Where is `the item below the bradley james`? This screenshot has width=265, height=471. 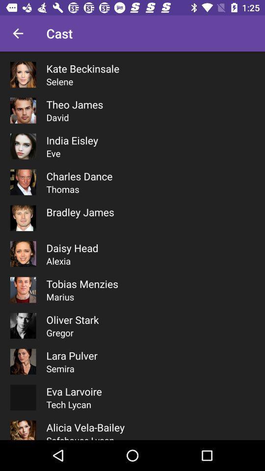 the item below the bradley james is located at coordinates (72, 247).